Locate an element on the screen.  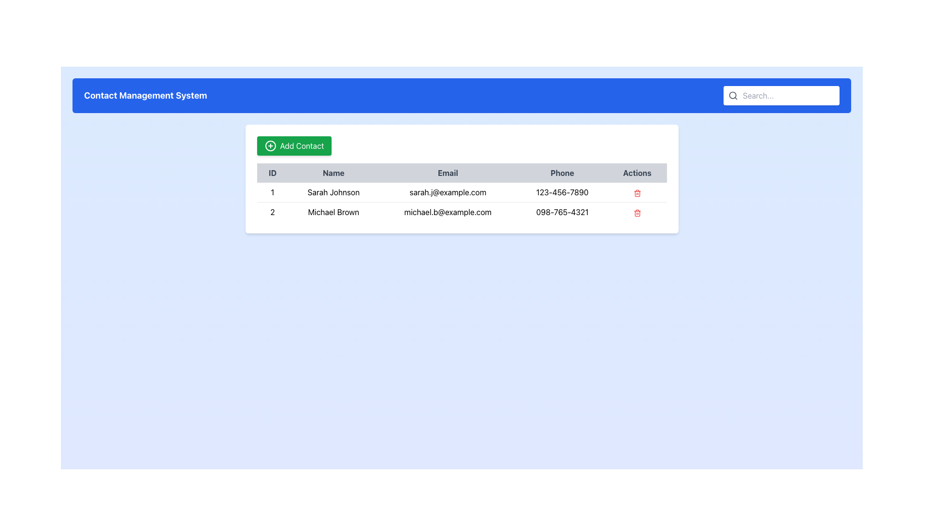
the static text label displaying the phone number '098-765-4321' located in the 'Phone' column of the second row is located at coordinates (562, 211).